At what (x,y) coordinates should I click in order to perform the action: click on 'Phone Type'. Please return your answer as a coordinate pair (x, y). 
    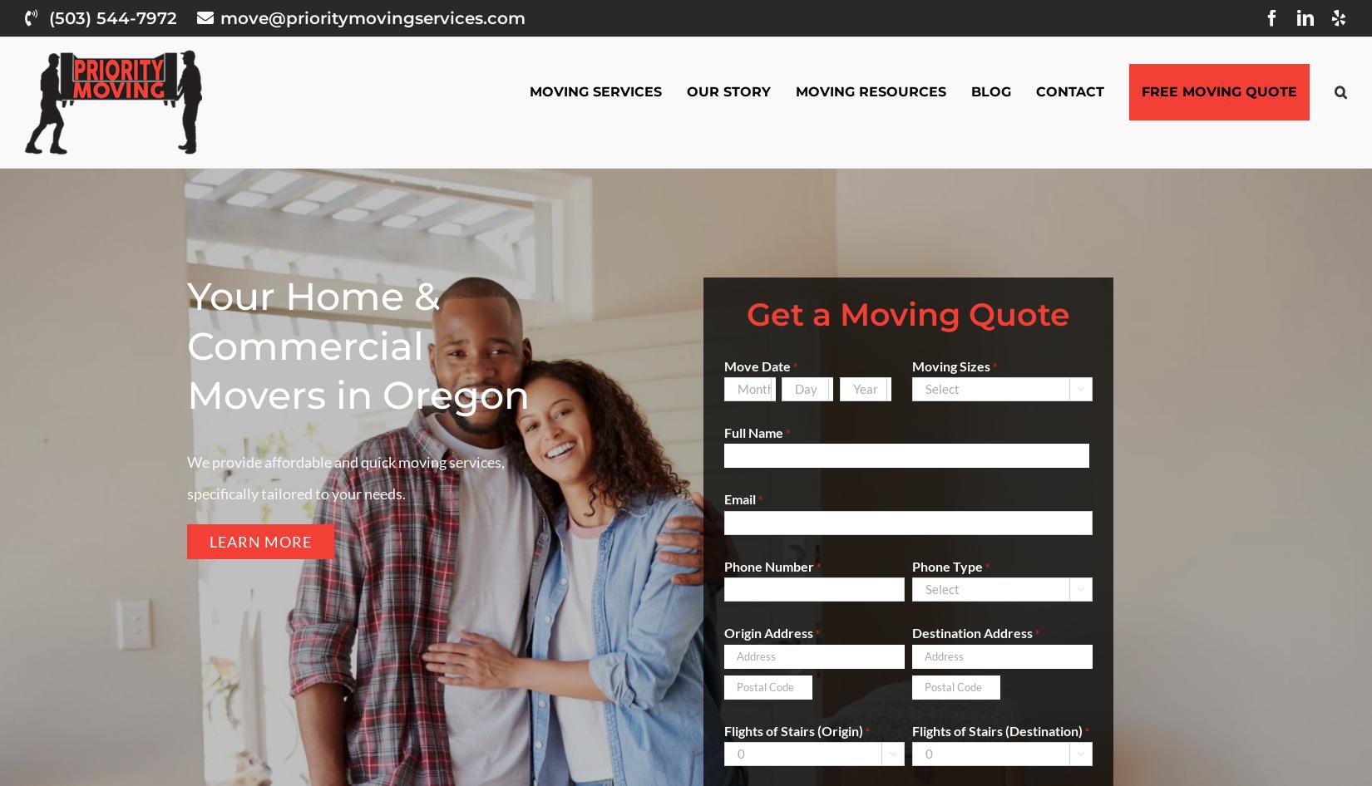
    Looking at the image, I should click on (946, 565).